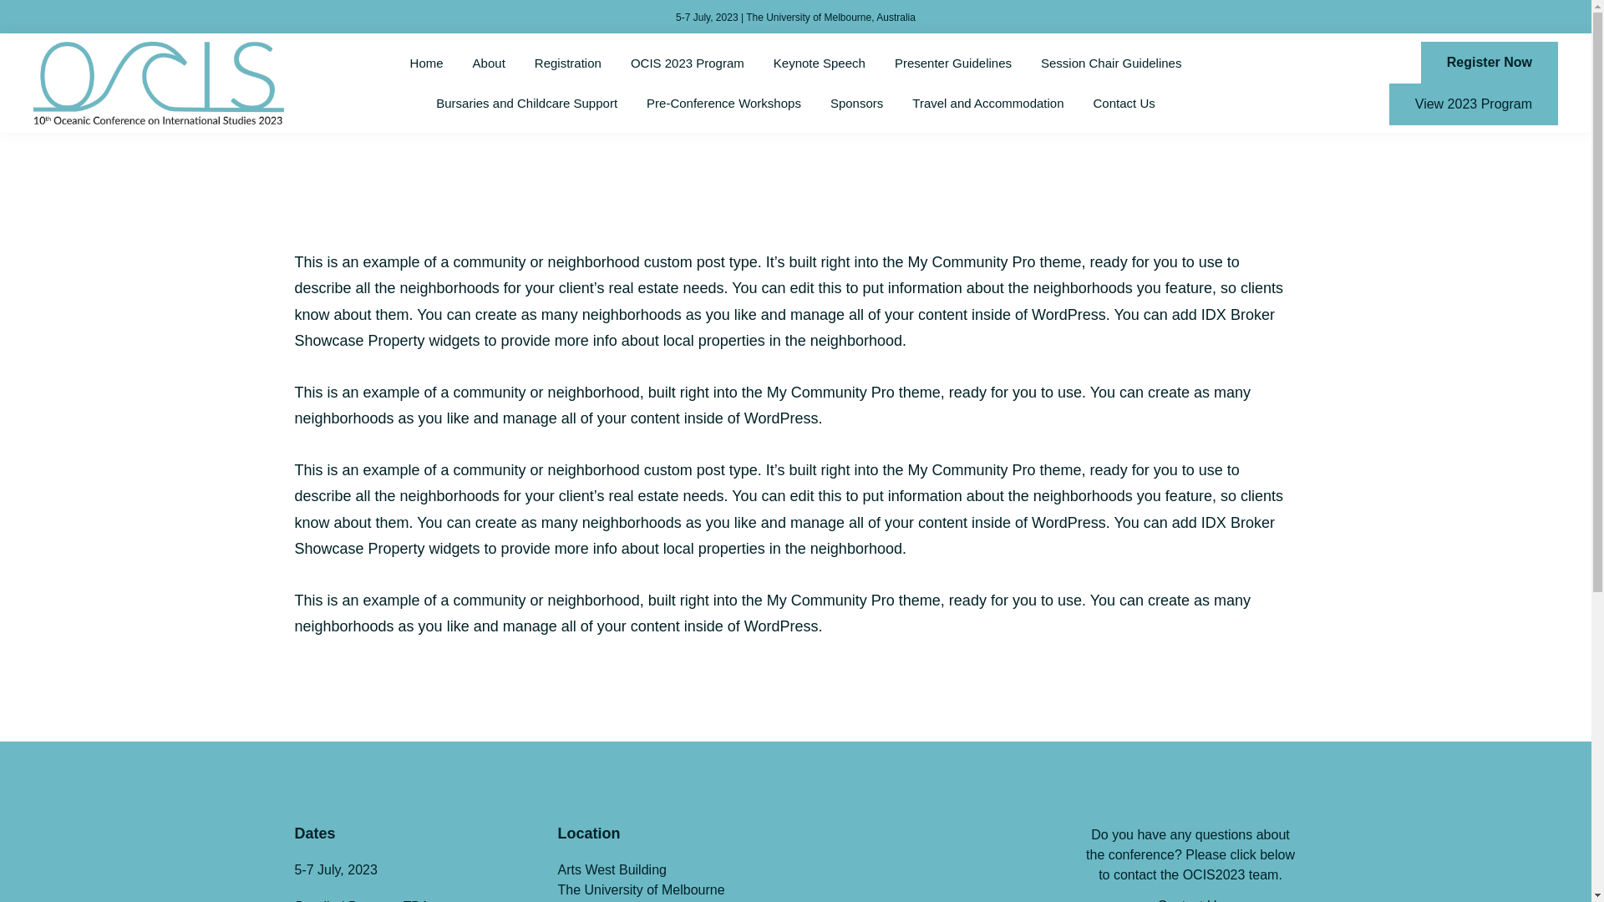 This screenshot has width=1604, height=902. What do you see at coordinates (1027, 63) in the screenshot?
I see `'Session Chair Guidelines'` at bounding box center [1027, 63].